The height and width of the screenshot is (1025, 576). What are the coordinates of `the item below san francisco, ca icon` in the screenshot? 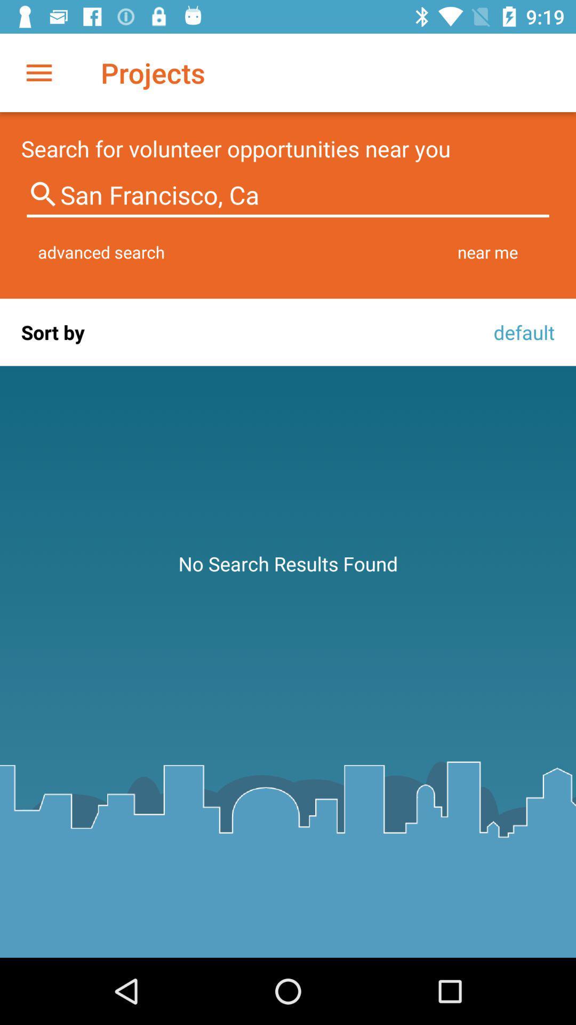 It's located at (101, 251).